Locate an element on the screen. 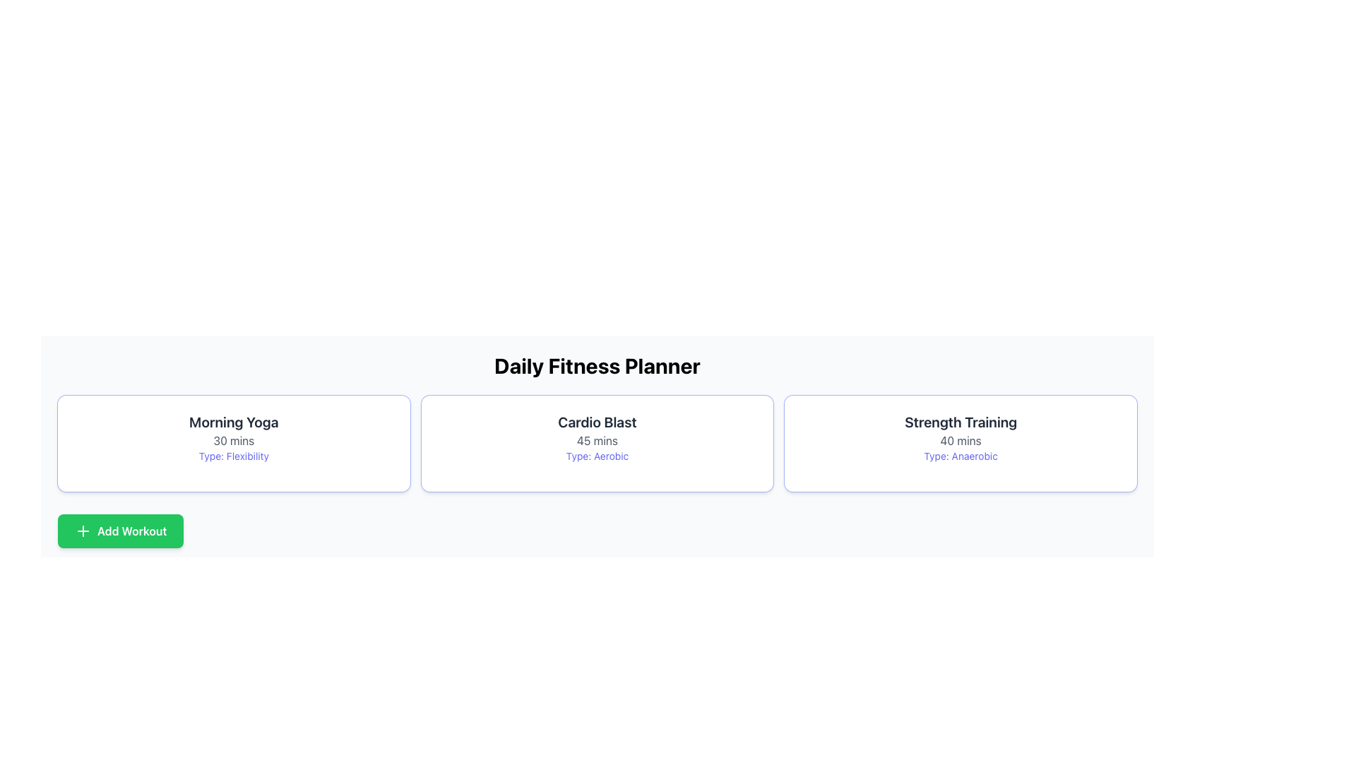 This screenshot has width=1356, height=763. the static text displaying the workout duration ('40 mins') located in the middle of three stacked text elements inside the 'Strength Training' card is located at coordinates (961, 440).